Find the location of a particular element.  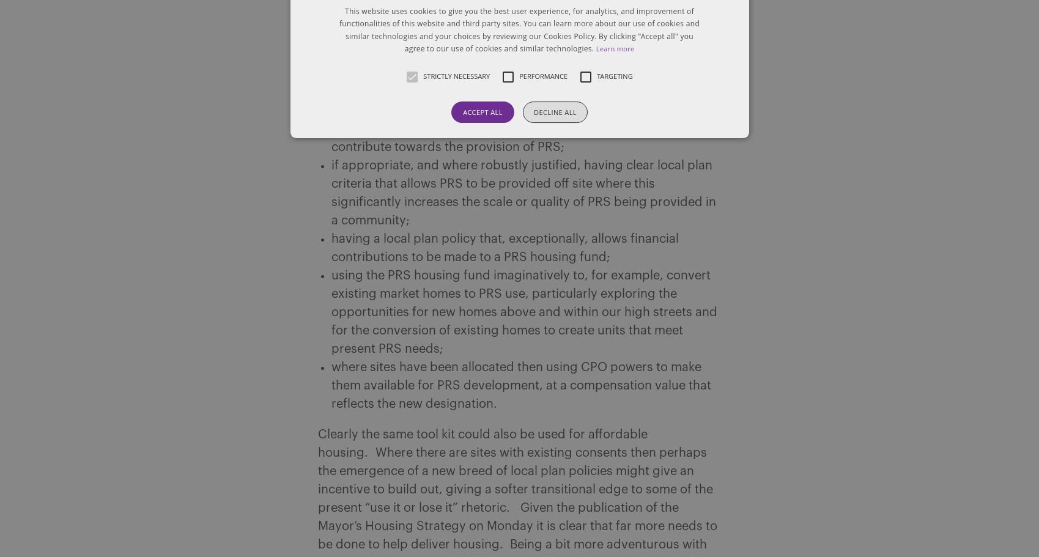

'since the need for new homes is intrinsically linked to economic development, requiring new employment development to contribute towards the provision of PRS;' is located at coordinates (330, 128).